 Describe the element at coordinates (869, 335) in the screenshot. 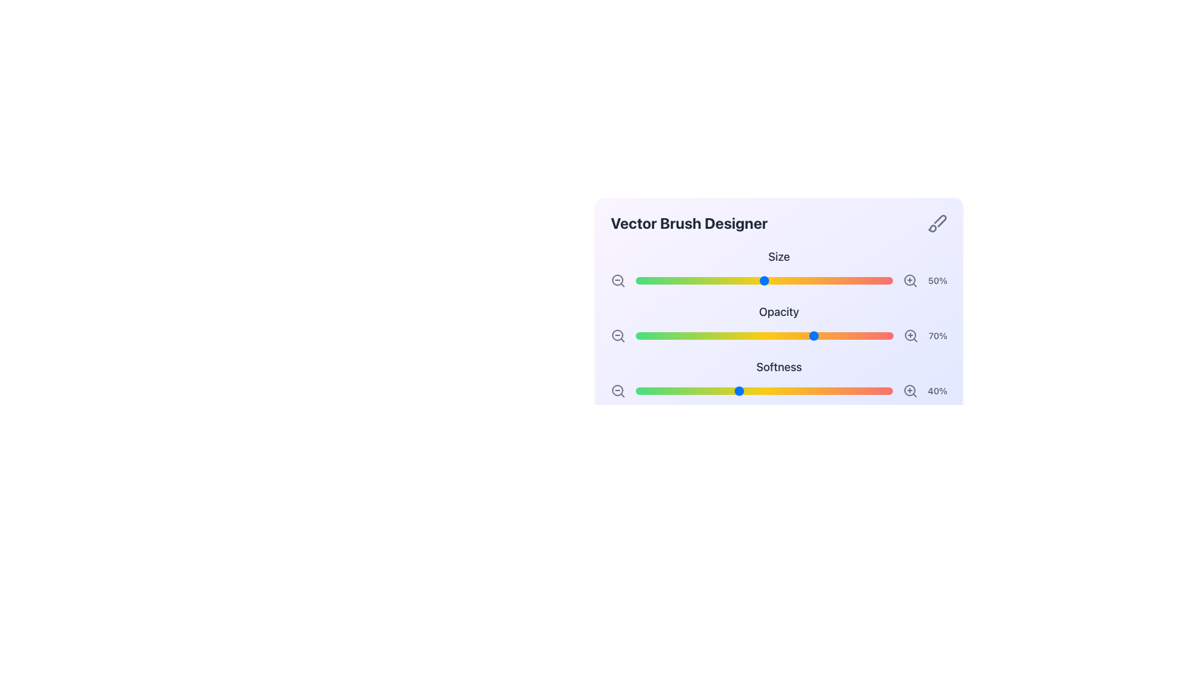

I see `opacity` at that location.